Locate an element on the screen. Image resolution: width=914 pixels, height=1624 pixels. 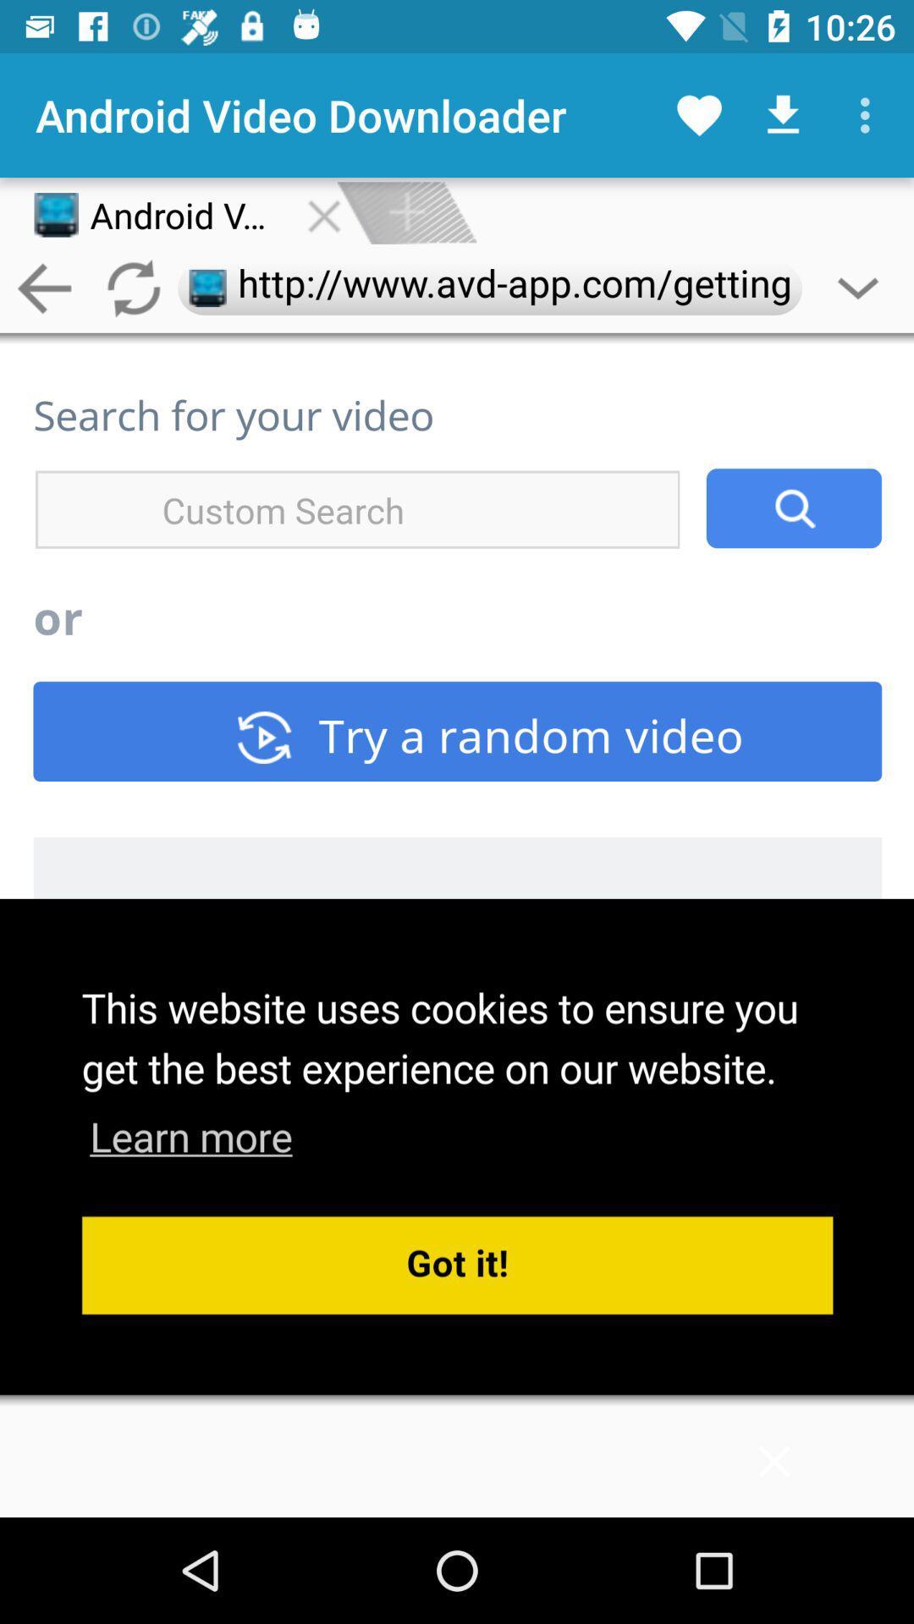
httpwwwavdappcomgetting is located at coordinates (489, 288).